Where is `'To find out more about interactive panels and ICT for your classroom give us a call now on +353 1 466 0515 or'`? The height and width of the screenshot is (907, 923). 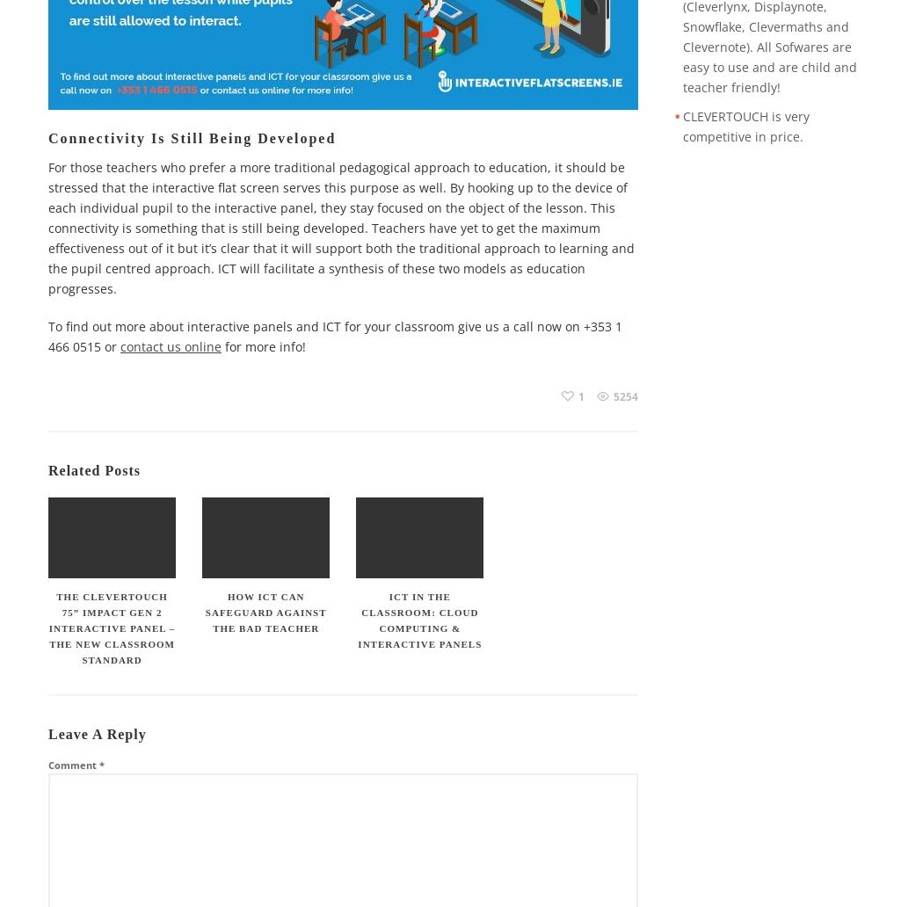
'To find out more about interactive panels and ICT for your classroom give us a call now on +353 1 466 0515 or' is located at coordinates (335, 336).